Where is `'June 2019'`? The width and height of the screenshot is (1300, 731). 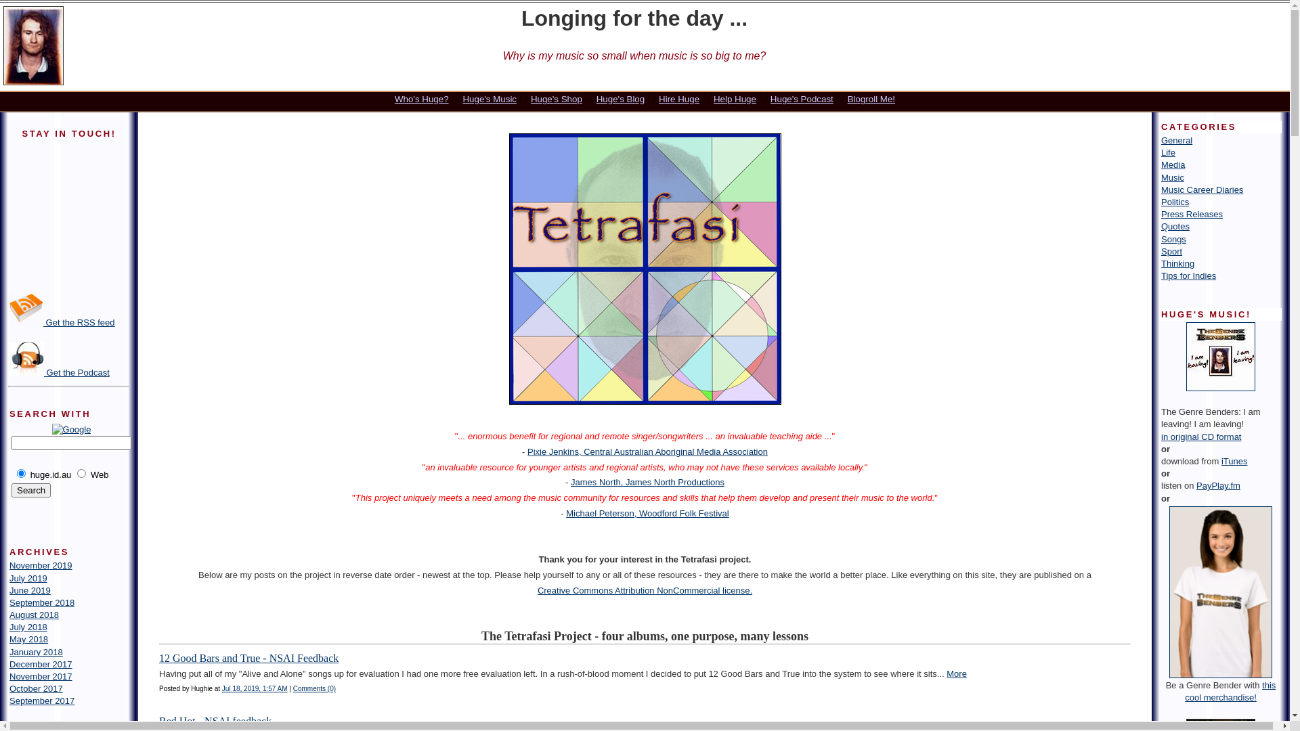 'June 2019' is located at coordinates (30, 590).